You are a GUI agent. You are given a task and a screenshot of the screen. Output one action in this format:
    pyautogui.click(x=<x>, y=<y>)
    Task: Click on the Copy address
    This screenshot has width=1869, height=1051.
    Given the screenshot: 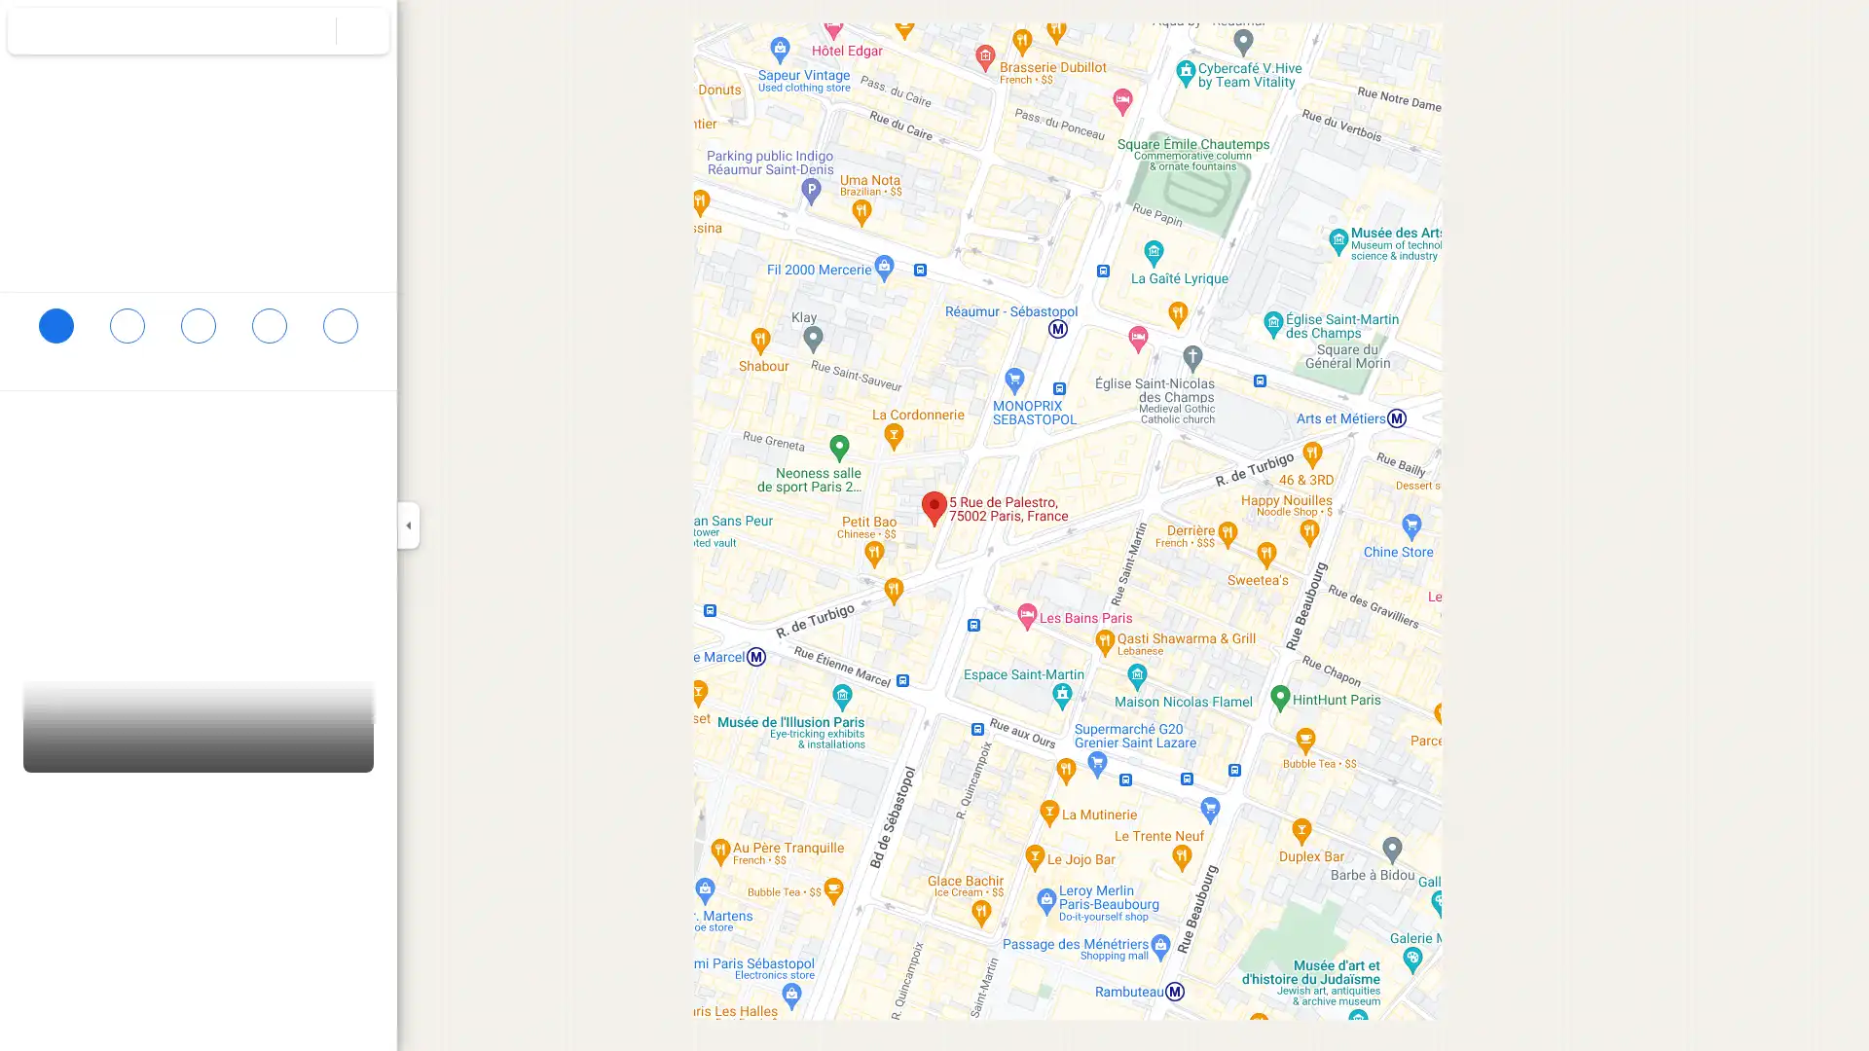 What is the action you would take?
    pyautogui.click(x=360, y=425)
    